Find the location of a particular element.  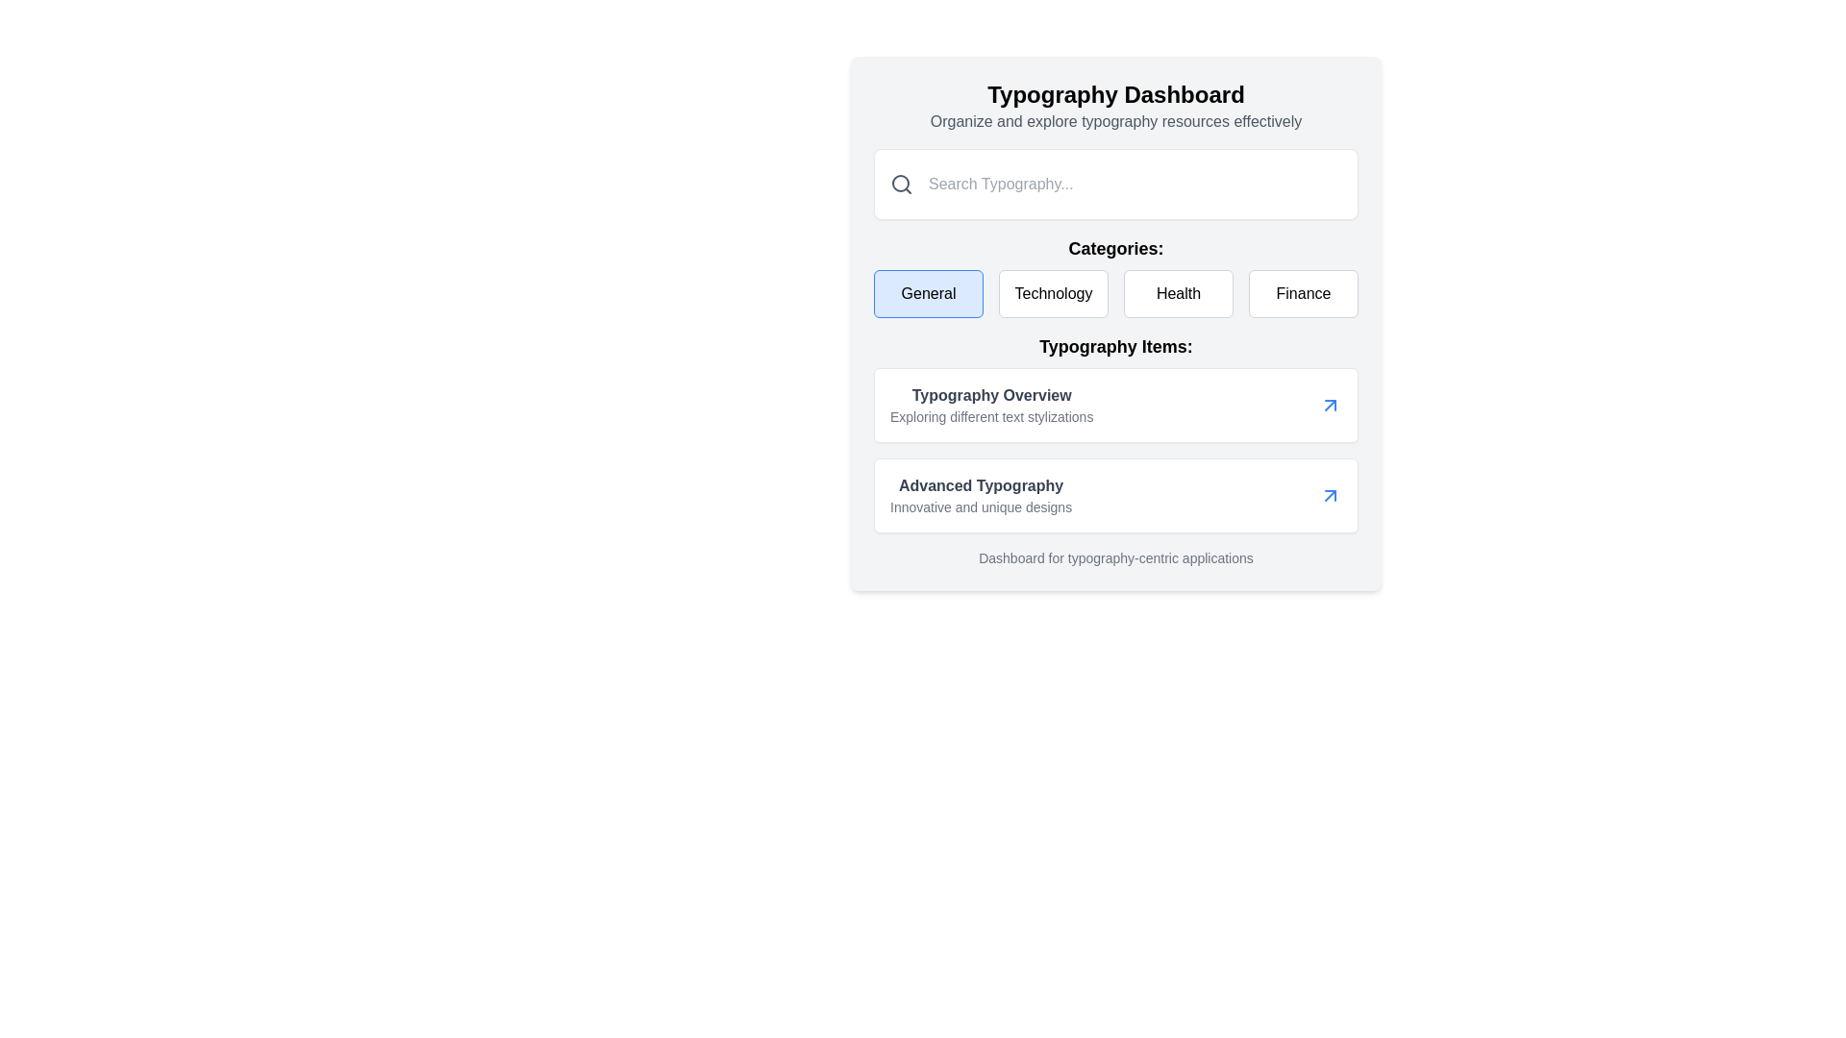

text 'Typography Overview' and its subtitle 'Exploring different text stylizations' from the Text composite located in the Typography Items section, positioned at the top-left area of its containing card is located at coordinates (991, 404).